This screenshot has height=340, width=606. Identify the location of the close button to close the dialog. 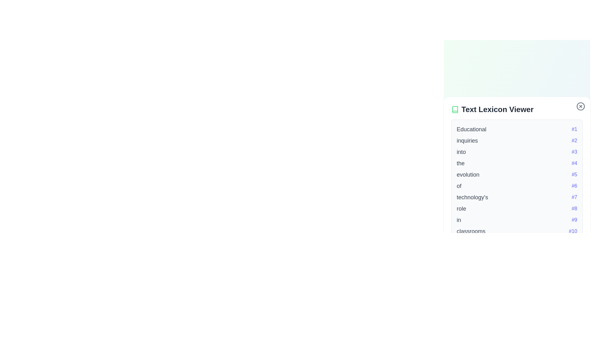
(580, 106).